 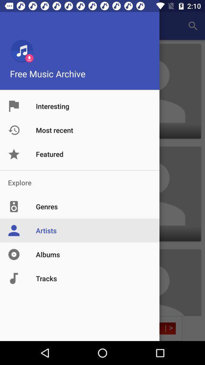 What do you see at coordinates (22, 50) in the screenshot?
I see `music icon` at bounding box center [22, 50].